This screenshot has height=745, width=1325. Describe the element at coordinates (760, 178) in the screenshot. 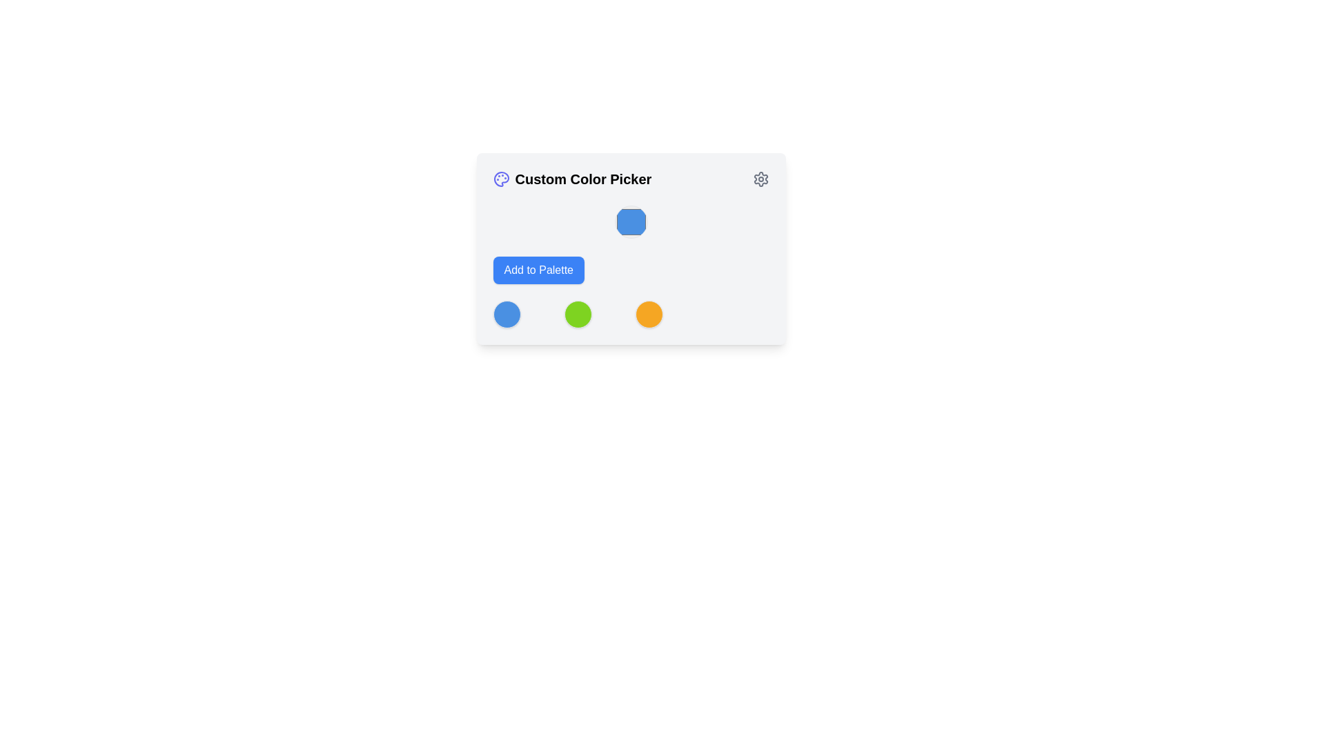

I see `the small gear-shaped settings icon located on the far right of the header row titled 'Custom Color Picker'` at that location.